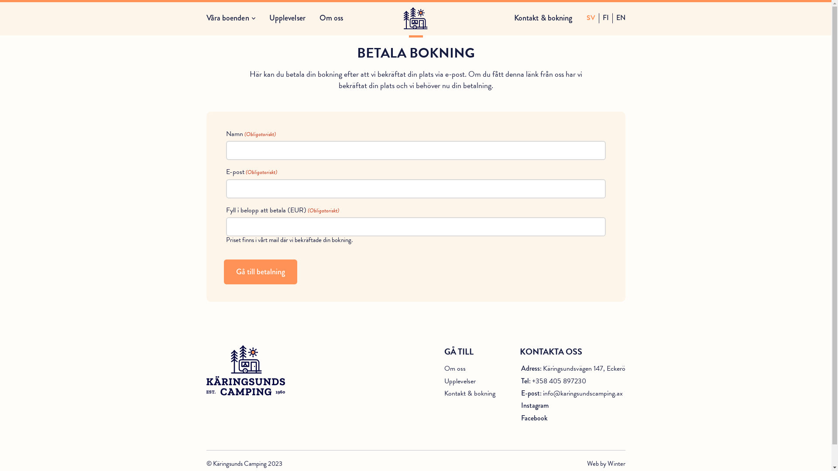 The height and width of the screenshot is (471, 838). What do you see at coordinates (521, 418) in the screenshot?
I see `'Facebook'` at bounding box center [521, 418].